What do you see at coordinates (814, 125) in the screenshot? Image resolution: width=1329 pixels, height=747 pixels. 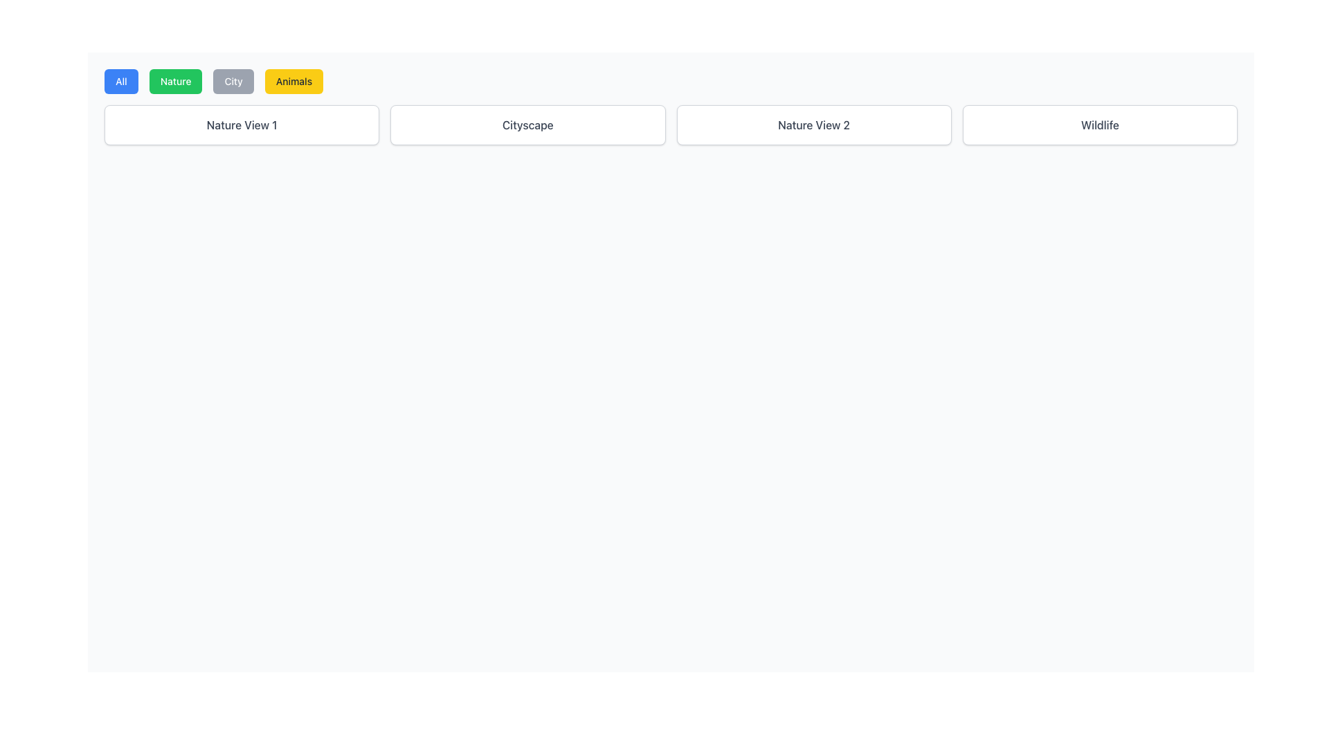 I see `the 'Nature View 2' button, which is a rectangular component with a white background and gray border, located in the third column of the grid layout` at bounding box center [814, 125].